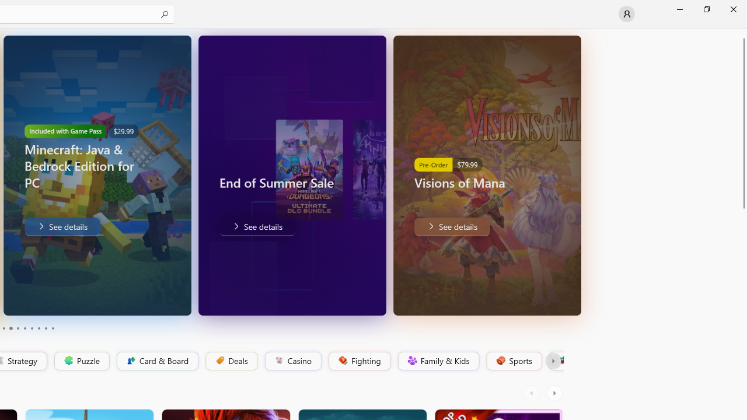  What do you see at coordinates (742, 32) in the screenshot?
I see `'Vertical Small Decrease'` at bounding box center [742, 32].